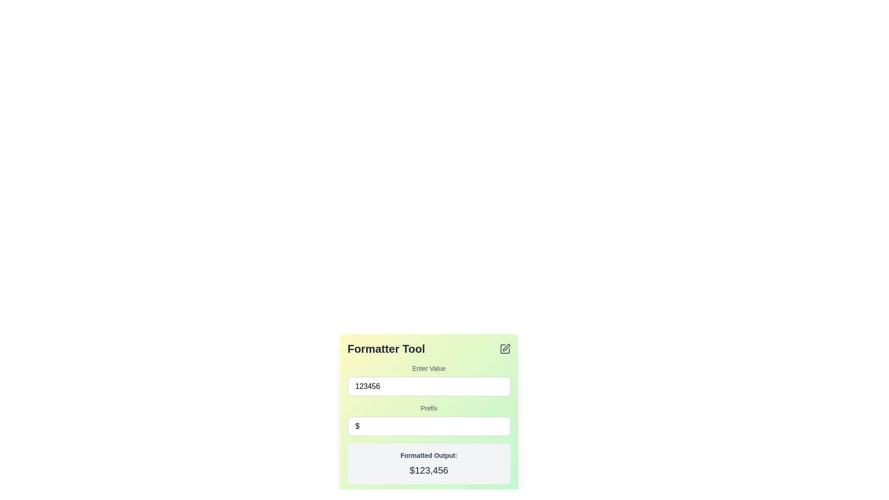 This screenshot has height=500, width=889. What do you see at coordinates (428, 408) in the screenshot?
I see `the Text Label that identifies the prefix input field, located above the 'prefixInput' text input field within the form section` at bounding box center [428, 408].